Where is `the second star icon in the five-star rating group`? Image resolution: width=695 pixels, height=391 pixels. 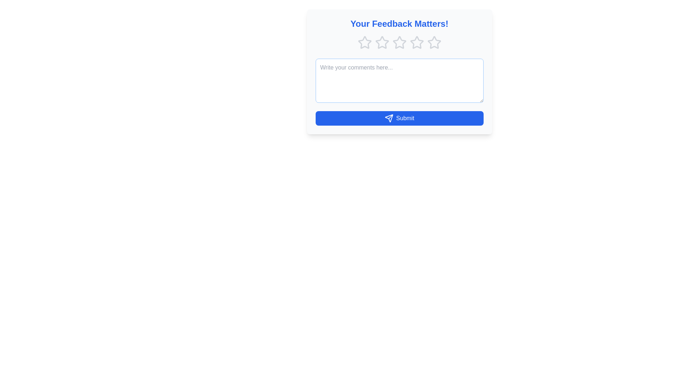 the second star icon in the five-star rating group is located at coordinates (382, 43).